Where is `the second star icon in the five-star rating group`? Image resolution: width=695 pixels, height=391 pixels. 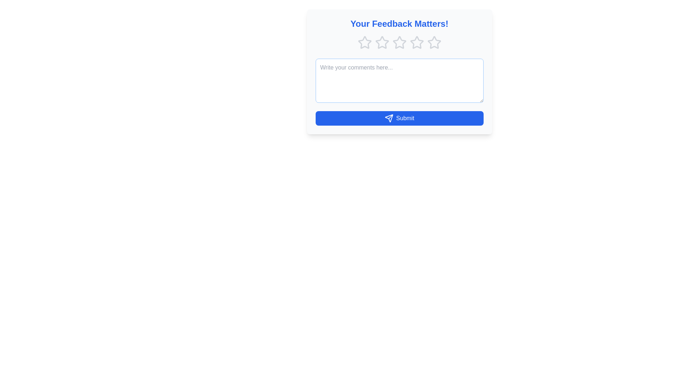 the second star icon in the five-star rating group is located at coordinates (382, 43).